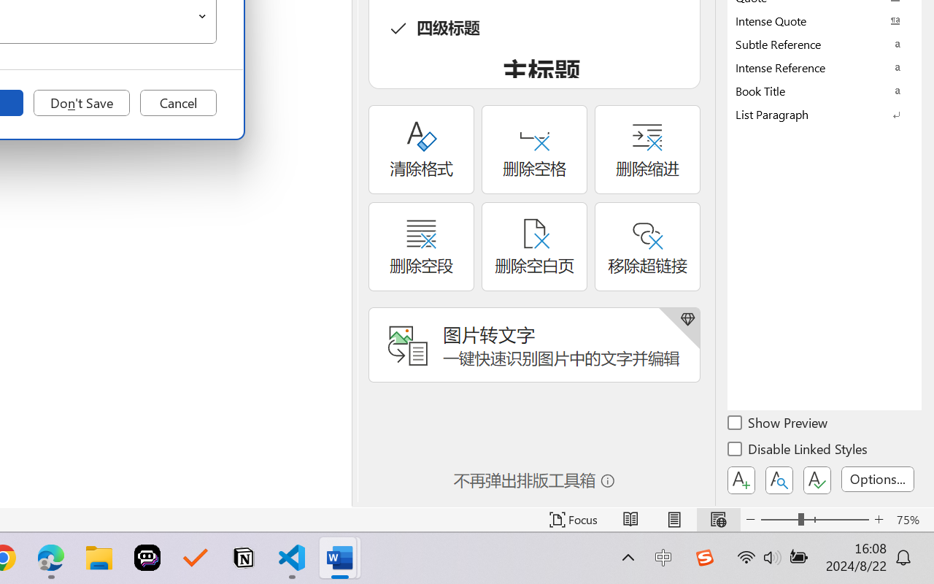 The width and height of the screenshot is (934, 584). Describe the element at coordinates (244, 558) in the screenshot. I see `'Notion'` at that location.